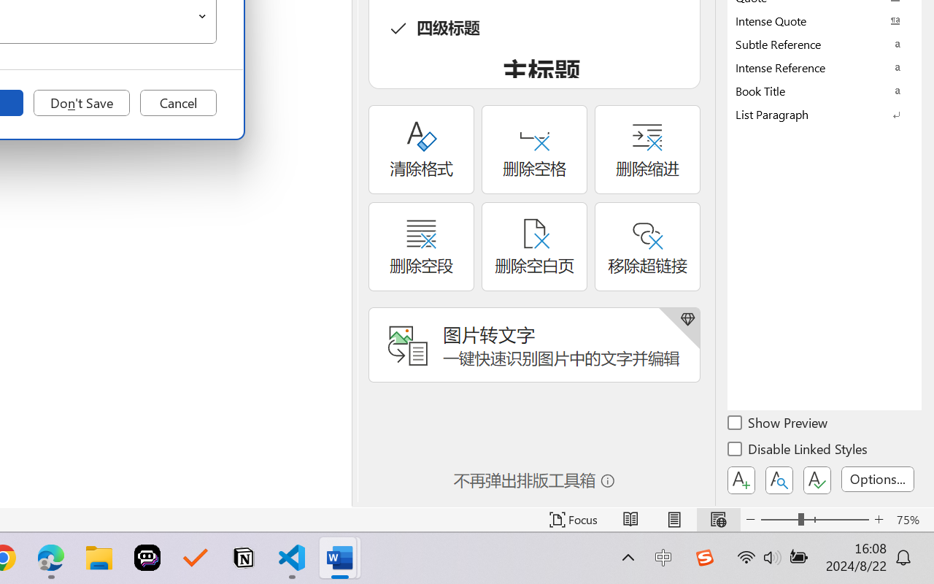 The width and height of the screenshot is (934, 584). Describe the element at coordinates (244, 558) in the screenshot. I see `'Notion'` at that location.